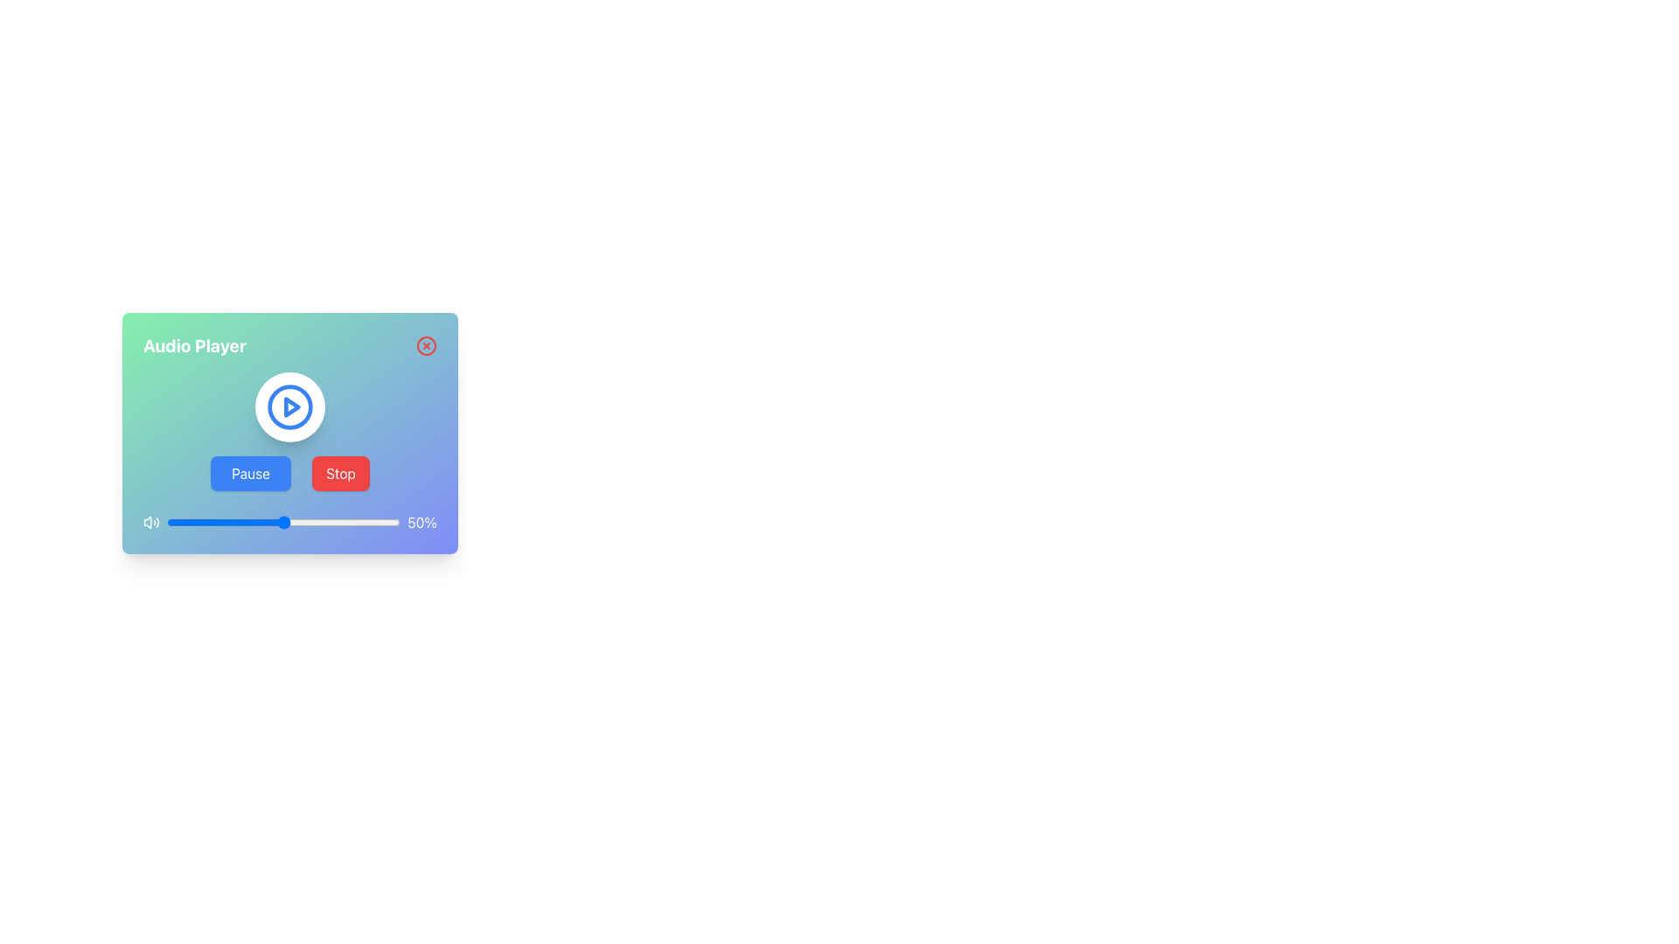  Describe the element at coordinates (259, 521) in the screenshot. I see `the slider` at that location.